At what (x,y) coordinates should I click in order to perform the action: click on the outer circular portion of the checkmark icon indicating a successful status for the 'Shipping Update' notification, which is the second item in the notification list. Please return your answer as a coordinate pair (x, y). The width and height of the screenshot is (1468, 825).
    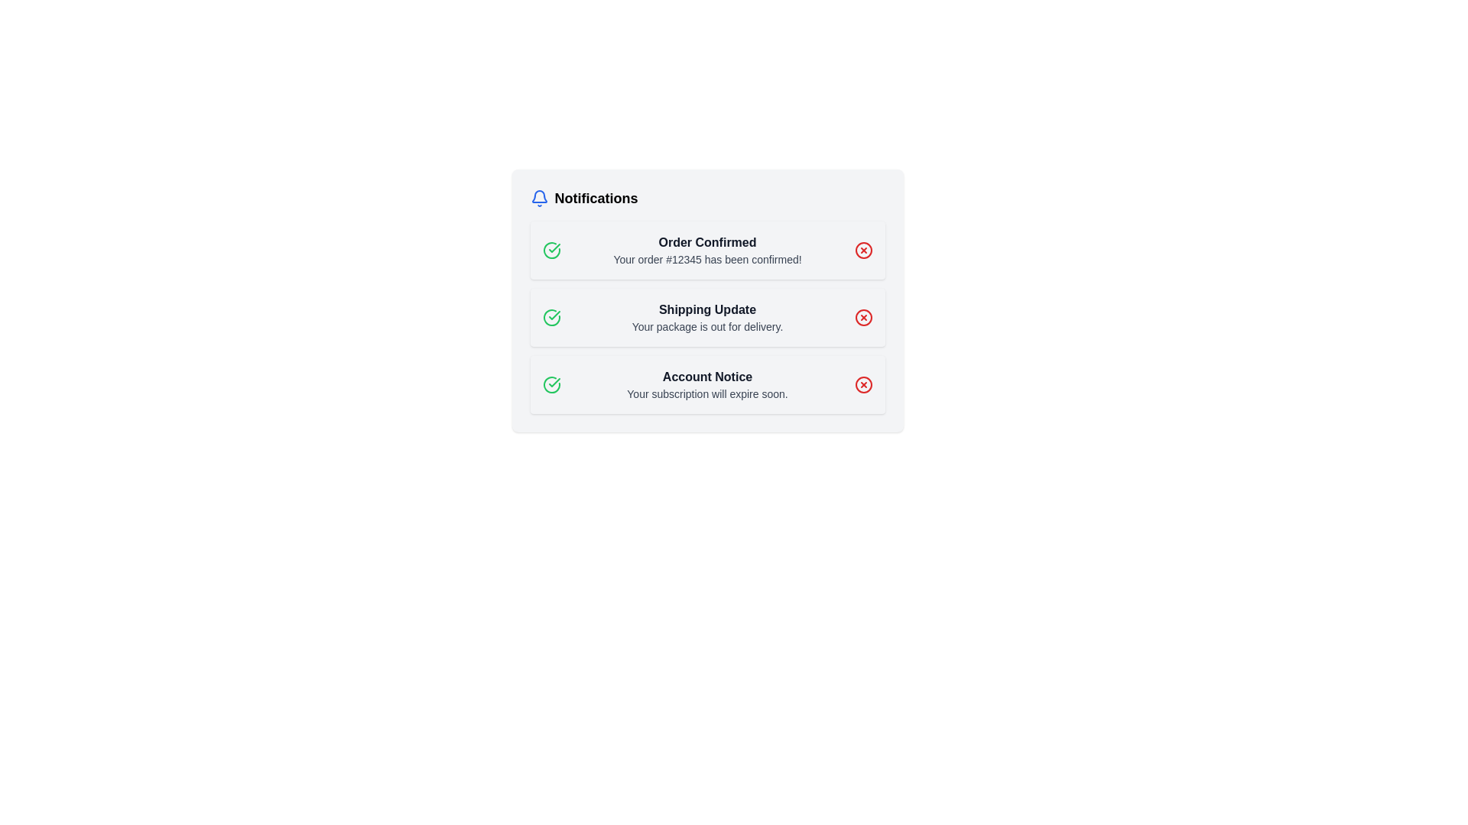
    Looking at the image, I should click on (550, 249).